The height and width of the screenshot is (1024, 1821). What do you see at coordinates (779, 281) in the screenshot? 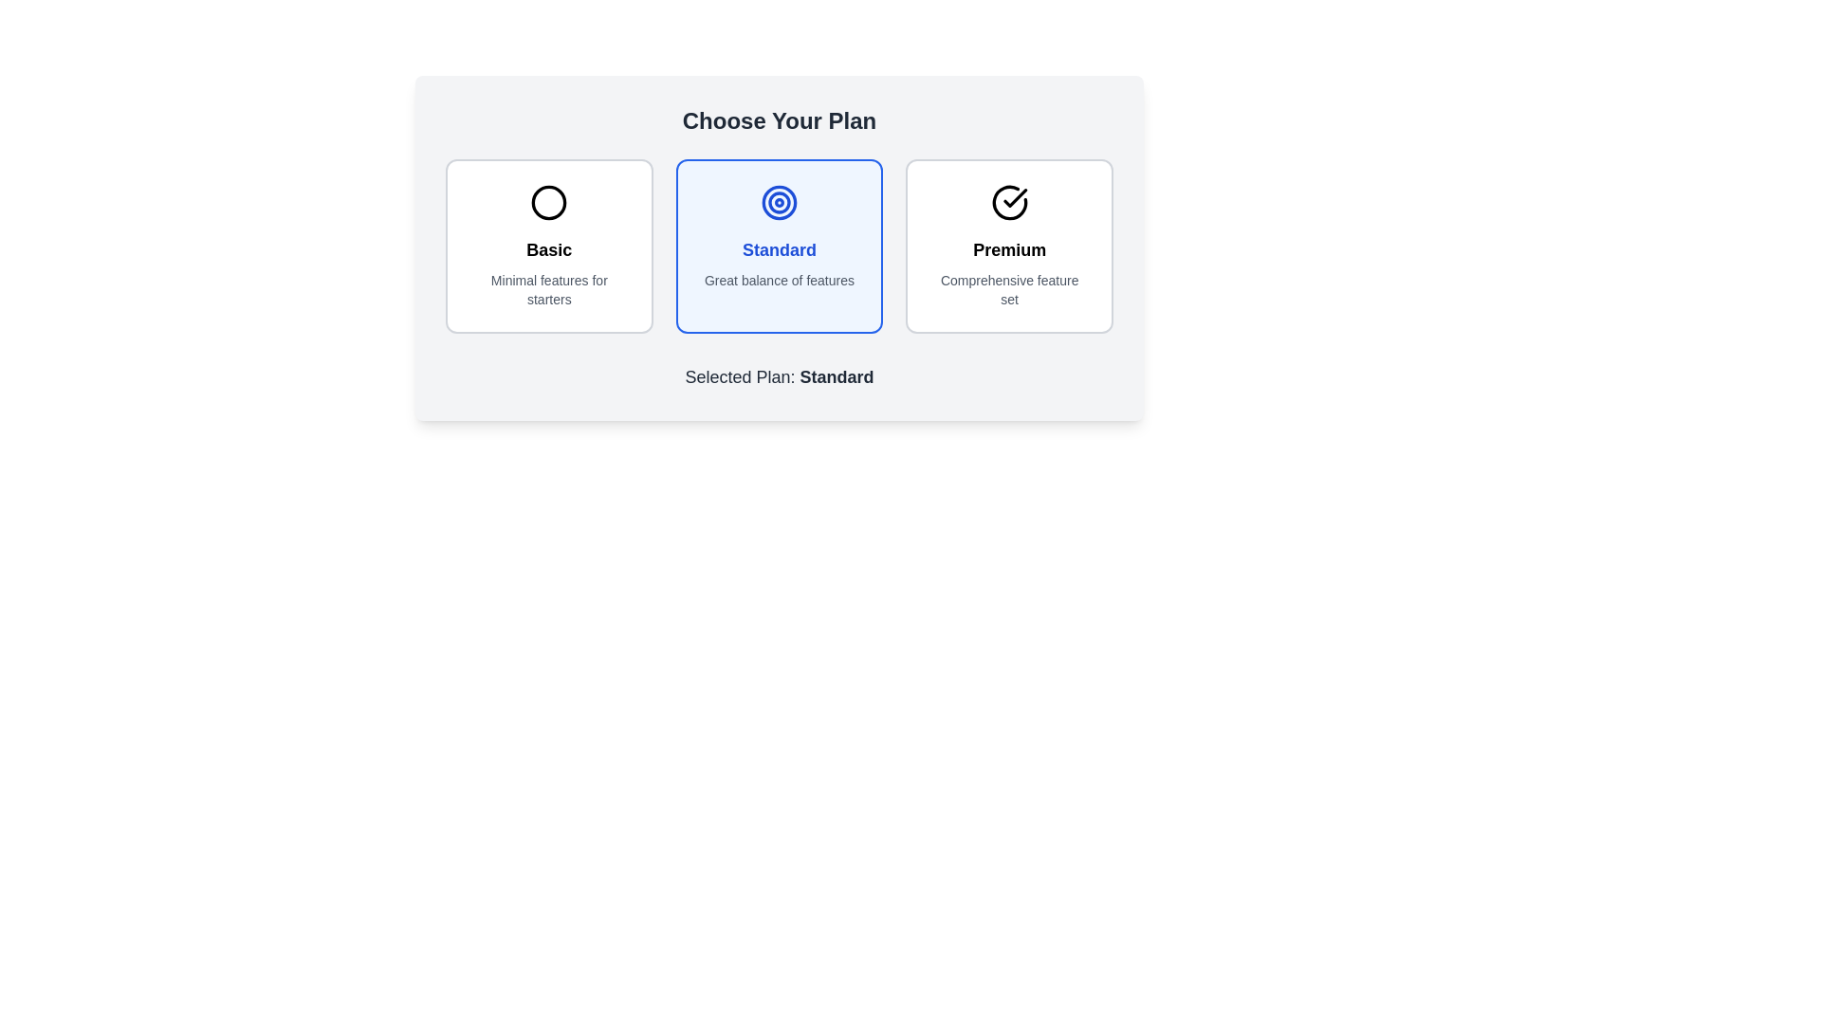
I see `the bottommost text element that describes the features of the 'Standard' plan, located in the middle card among three horizontally arranged cards` at bounding box center [779, 281].